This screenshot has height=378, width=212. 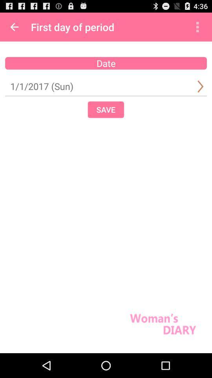 I want to click on item above date icon, so click(x=14, y=27).